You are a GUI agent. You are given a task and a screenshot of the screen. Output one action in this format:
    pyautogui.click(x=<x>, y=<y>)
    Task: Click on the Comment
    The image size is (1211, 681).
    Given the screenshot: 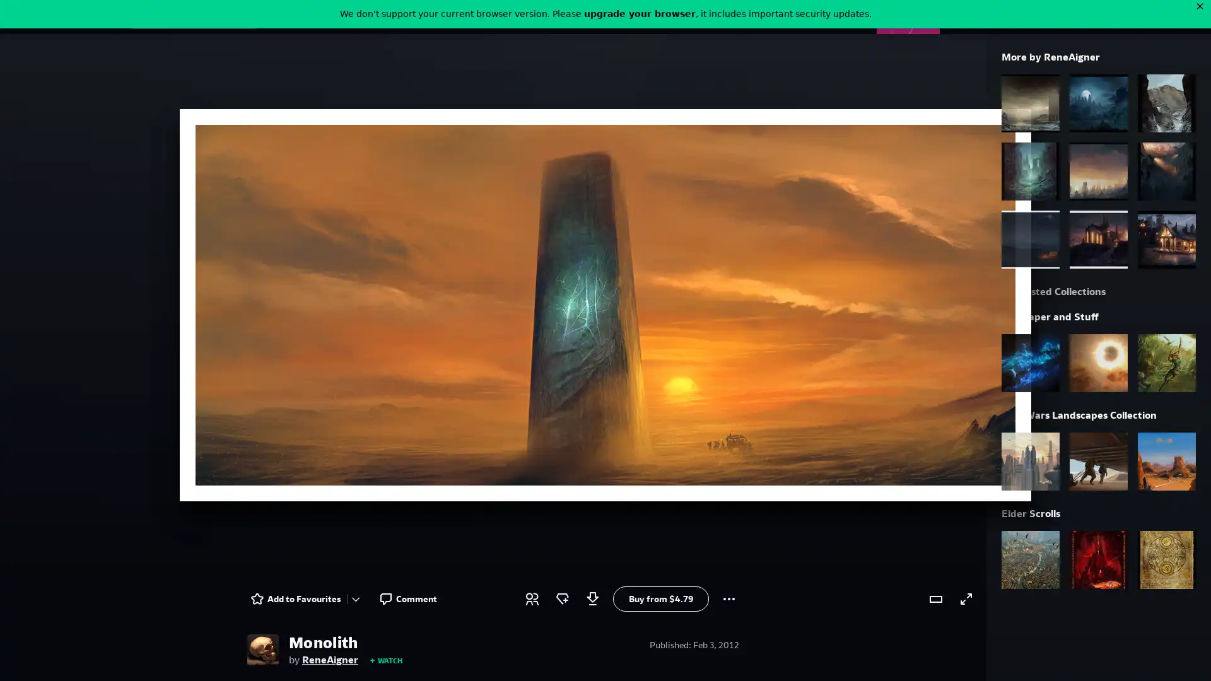 What is the action you would take?
    pyautogui.click(x=407, y=598)
    